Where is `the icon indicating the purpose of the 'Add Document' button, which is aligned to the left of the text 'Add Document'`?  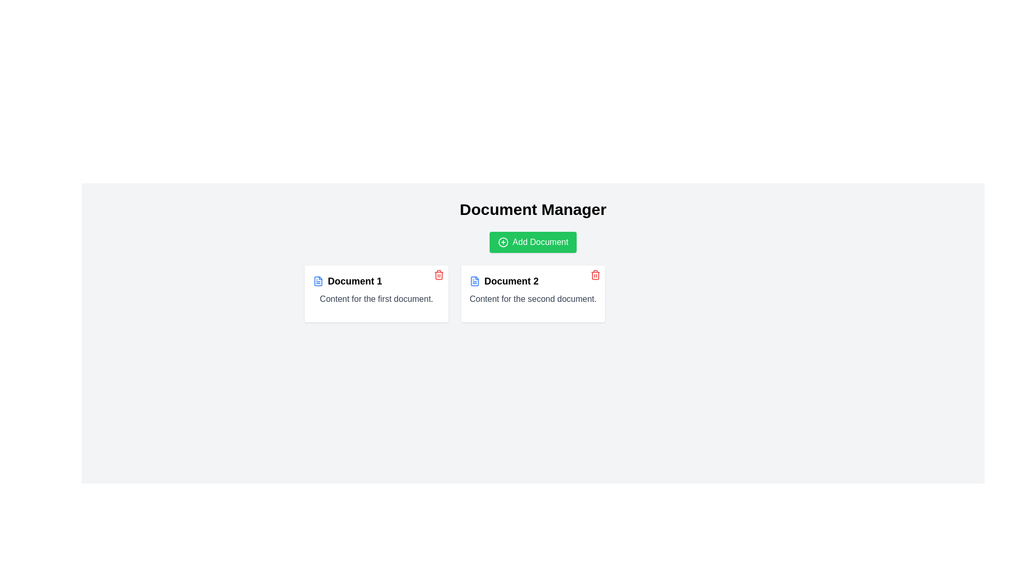
the icon indicating the purpose of the 'Add Document' button, which is aligned to the left of the text 'Add Document' is located at coordinates (502, 242).